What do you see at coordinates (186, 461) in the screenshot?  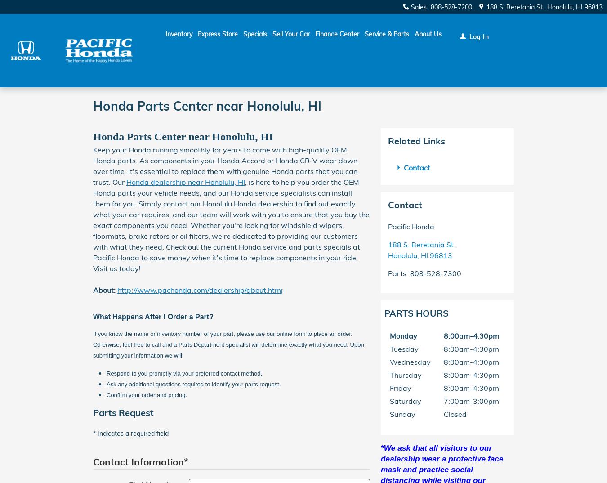 I see `'*'` at bounding box center [186, 461].